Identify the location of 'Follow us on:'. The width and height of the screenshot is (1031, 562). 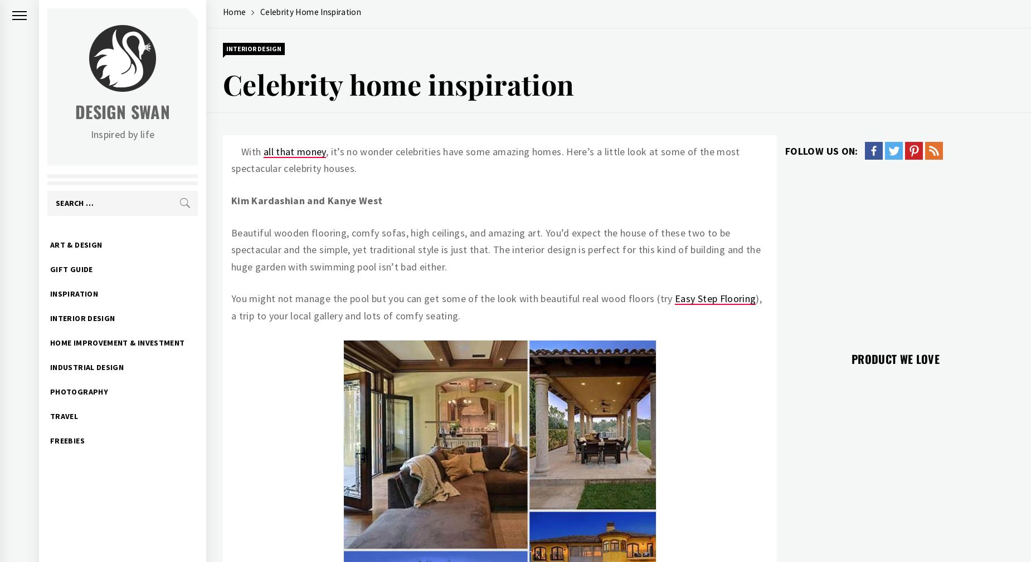
(821, 150).